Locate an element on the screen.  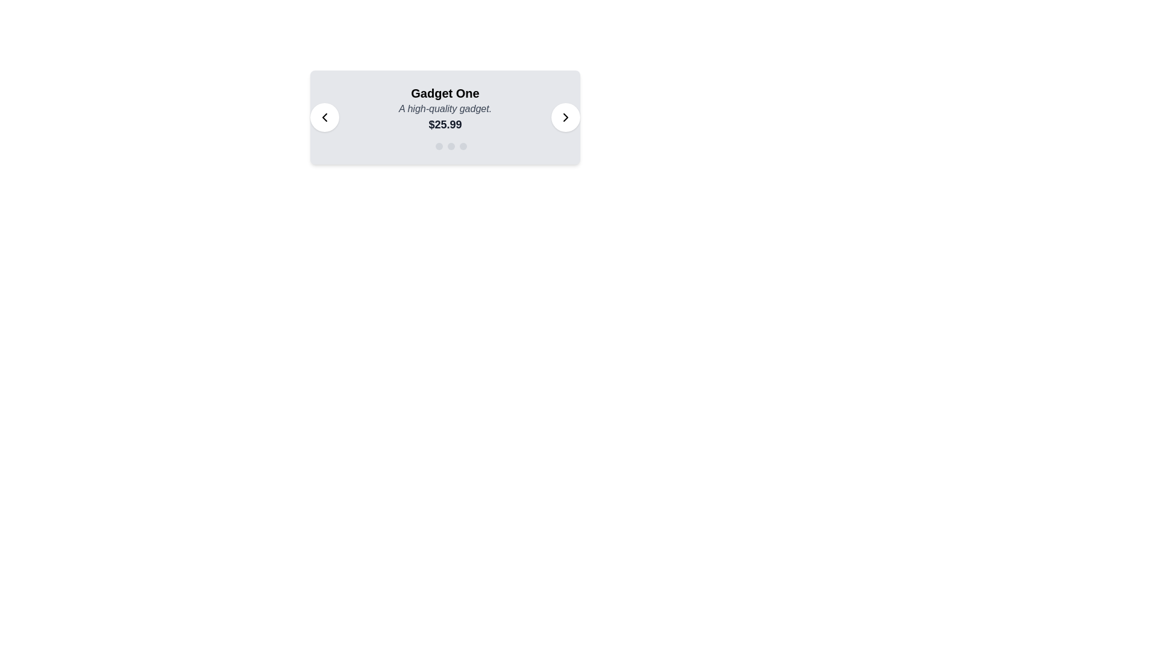
the button located to the right of the 'Gadget One' text and price information is located at coordinates (565, 118).